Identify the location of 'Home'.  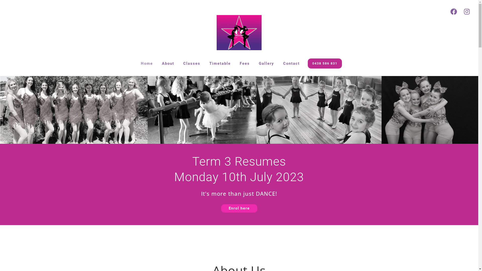
(147, 63).